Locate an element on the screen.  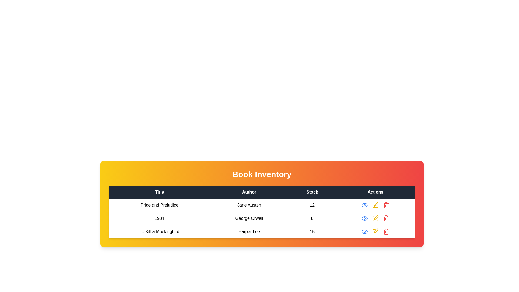
the 'Title' column header in the table, which indicates the data below pertains to book titles is located at coordinates (159, 192).